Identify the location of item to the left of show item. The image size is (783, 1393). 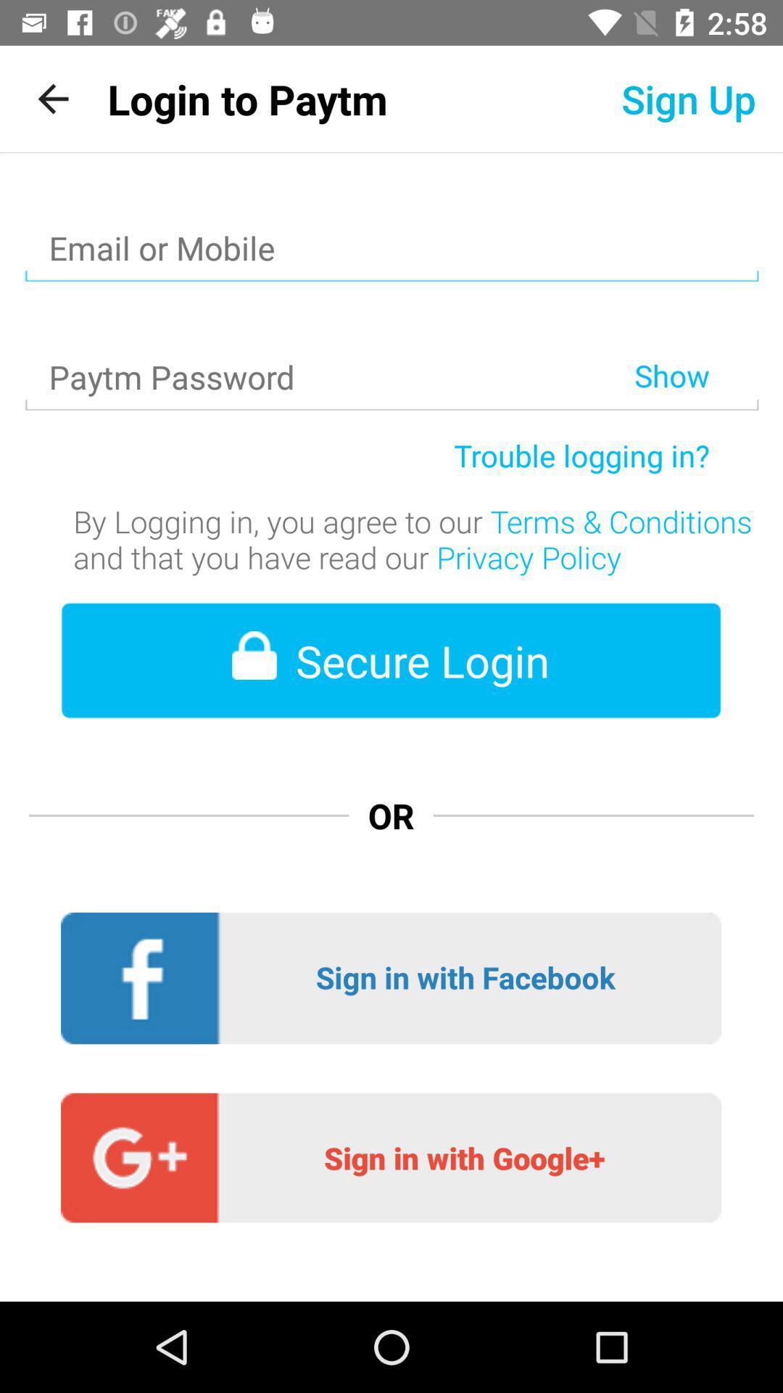
(329, 339).